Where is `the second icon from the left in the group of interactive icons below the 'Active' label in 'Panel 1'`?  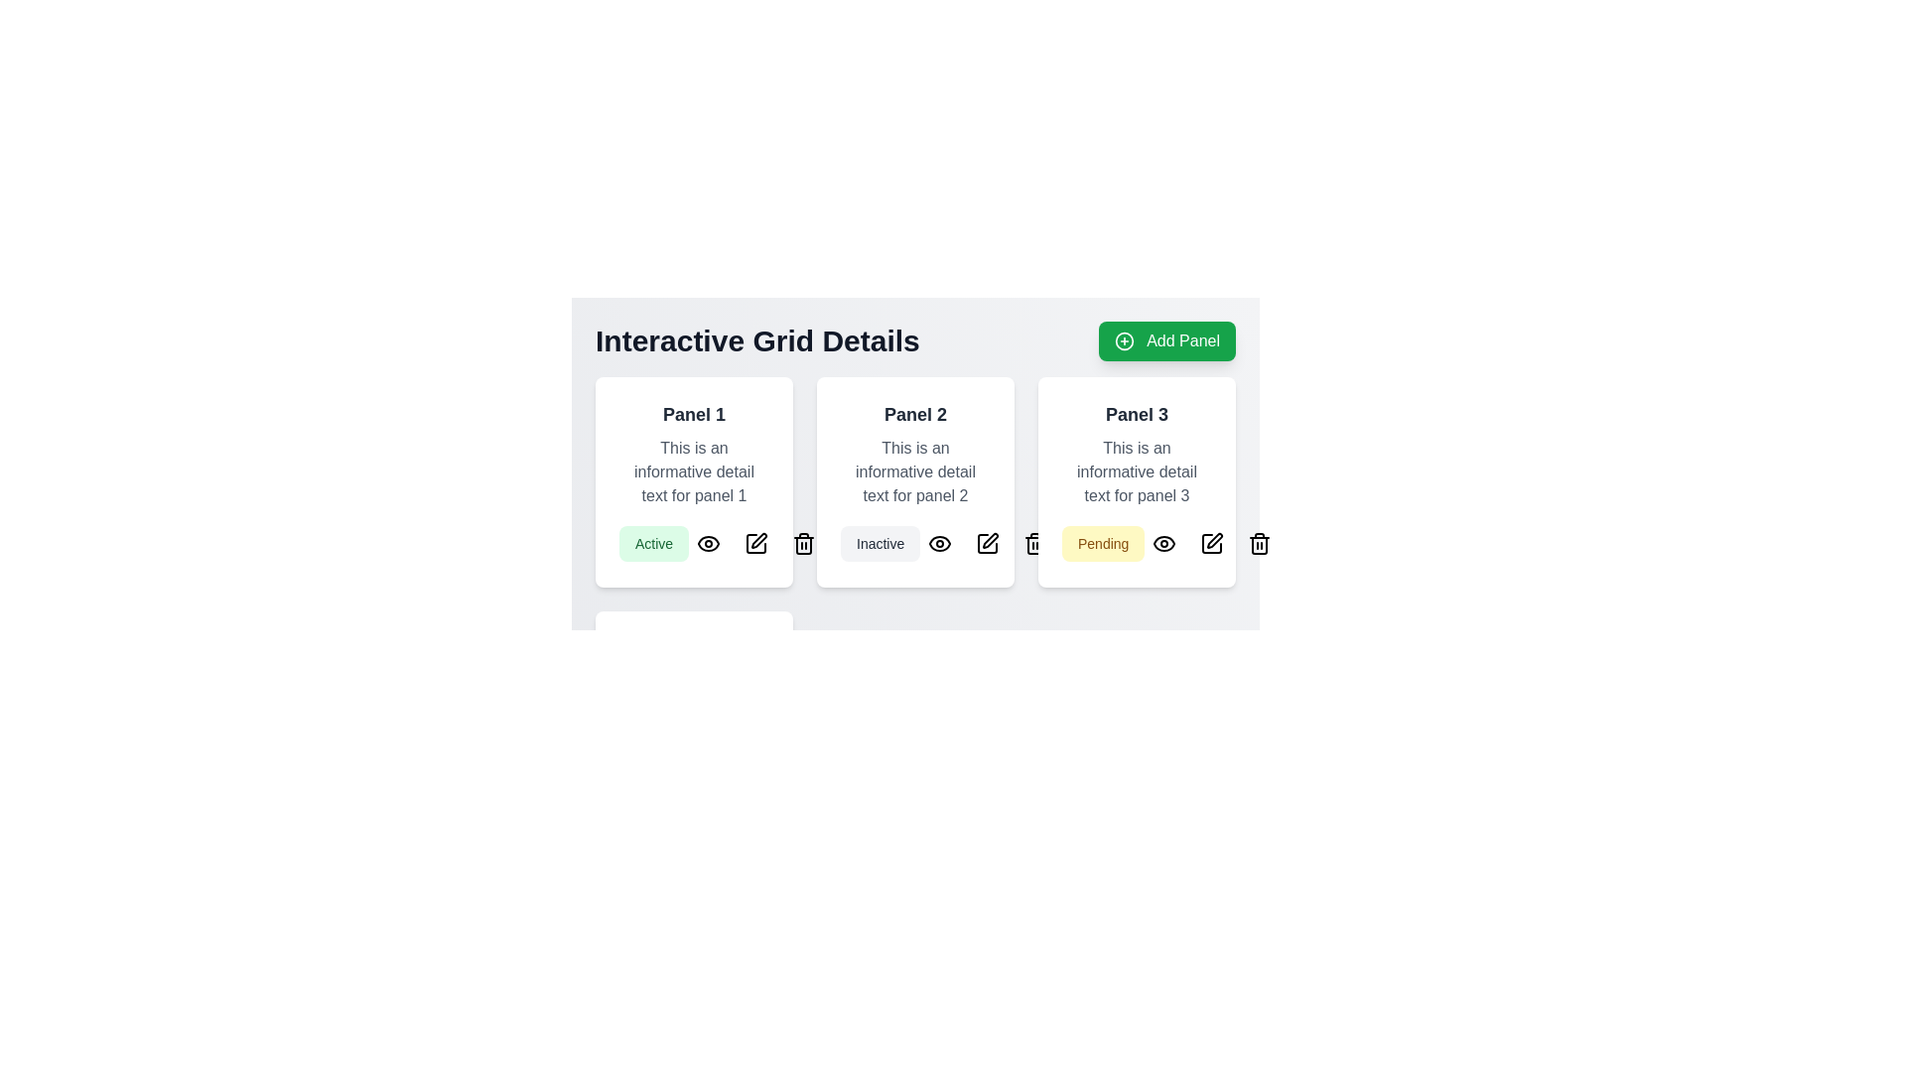 the second icon from the left in the group of interactive icons below the 'Active' label in 'Panel 1' is located at coordinates (755, 543).